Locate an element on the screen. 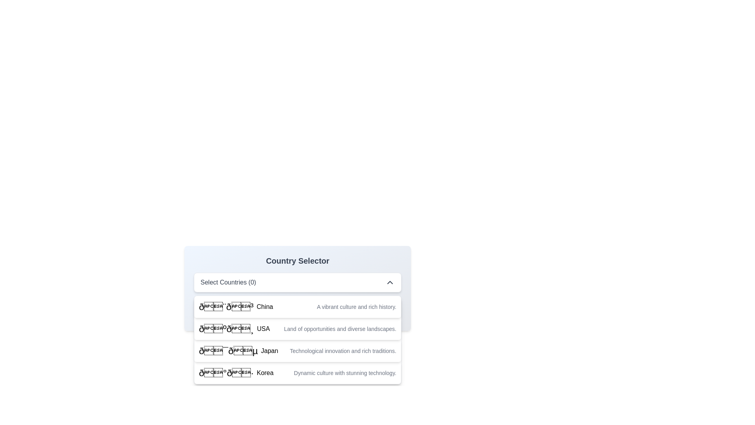  the third selectable option for Japan within the dropdown menu, which is positioned between the USA and Korea options is located at coordinates (297, 350).